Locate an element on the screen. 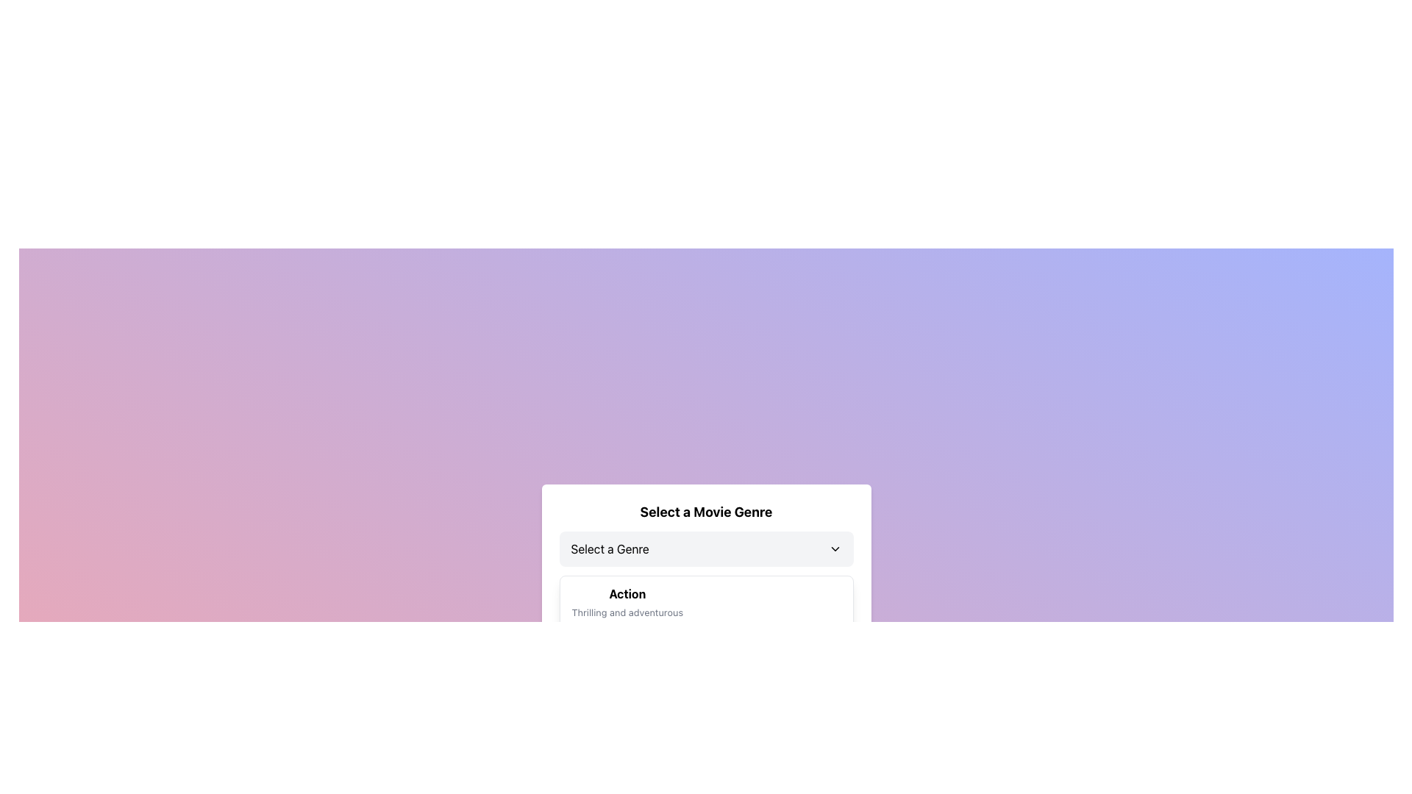 This screenshot has width=1412, height=794. the Menu Item element that has a white background with rounded corners, containing the title 'Action' and description 'Thrilling and adventurous', located beneath the 'Select a Genre' button is located at coordinates (706, 682).